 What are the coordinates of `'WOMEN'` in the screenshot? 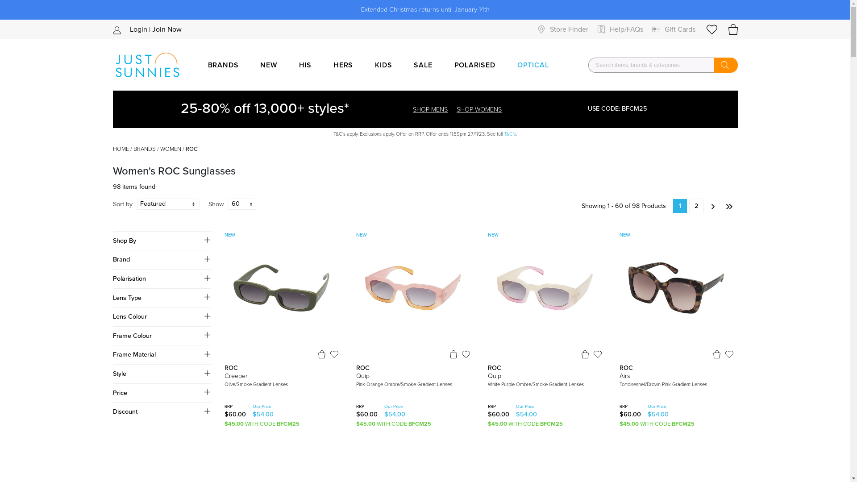 It's located at (170, 148).